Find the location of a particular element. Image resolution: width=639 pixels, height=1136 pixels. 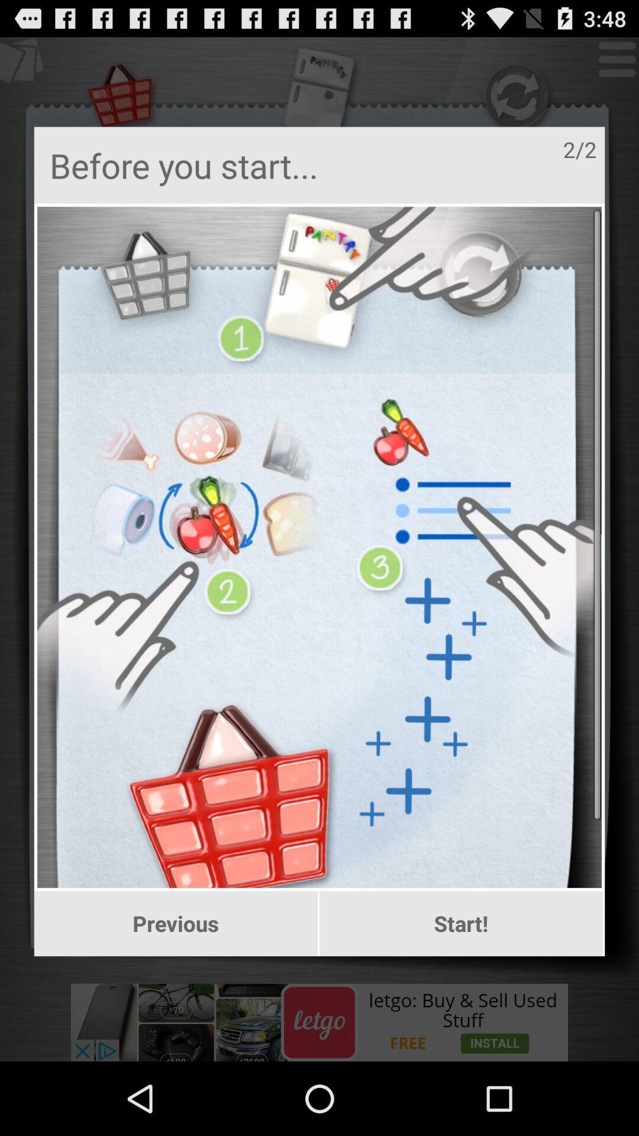

the item to the left of start! item is located at coordinates (176, 923).